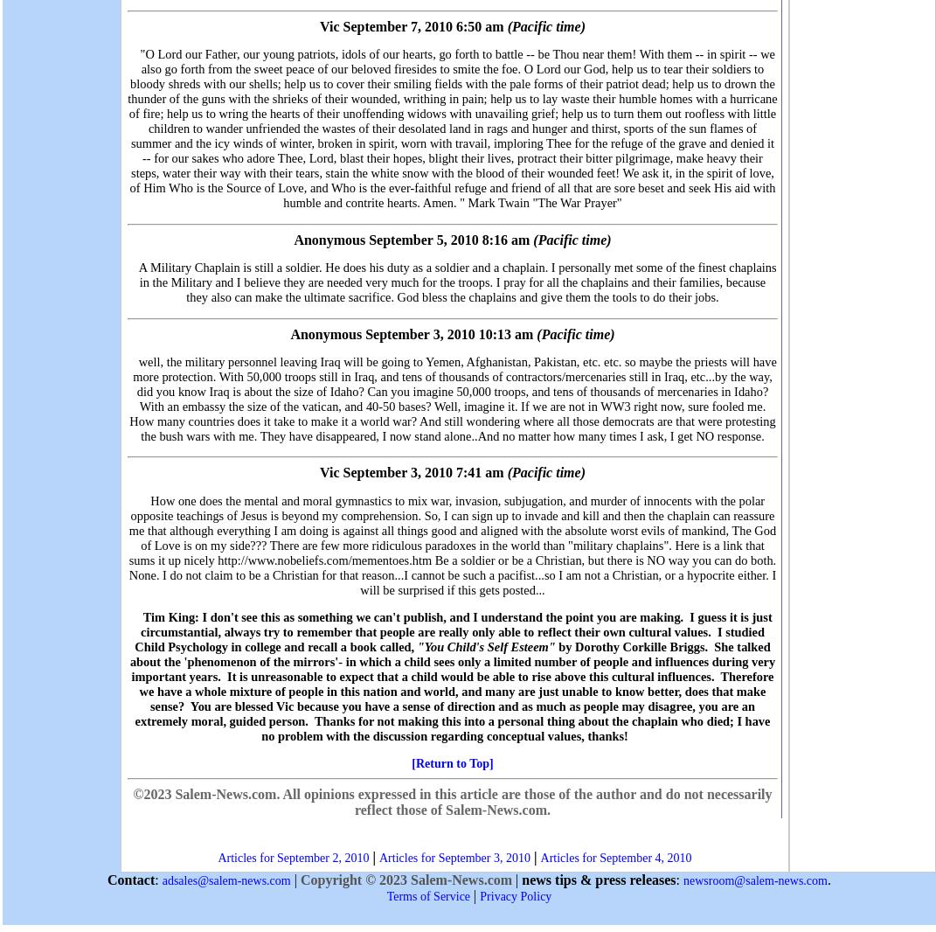 This screenshot has width=936, height=932. What do you see at coordinates (412, 25) in the screenshot?
I see `'Vic September 7, 2010 6:50 am'` at bounding box center [412, 25].